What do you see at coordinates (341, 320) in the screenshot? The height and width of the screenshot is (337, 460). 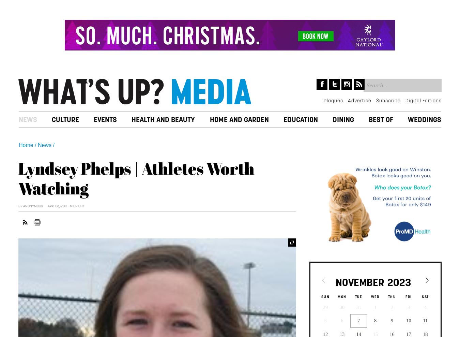 I see `'6'` at bounding box center [341, 320].